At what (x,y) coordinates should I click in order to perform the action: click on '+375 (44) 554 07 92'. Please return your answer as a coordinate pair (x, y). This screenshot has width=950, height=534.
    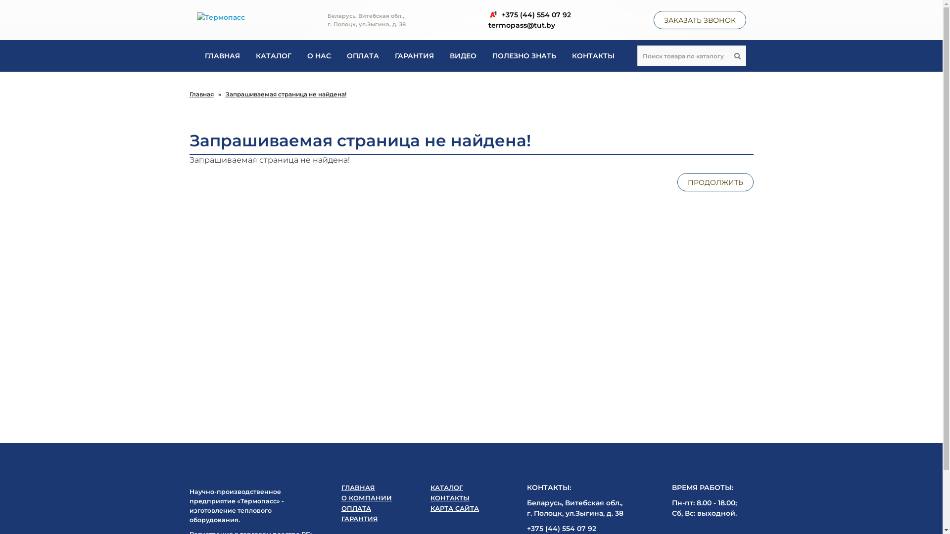
    Looking at the image, I should click on (528, 15).